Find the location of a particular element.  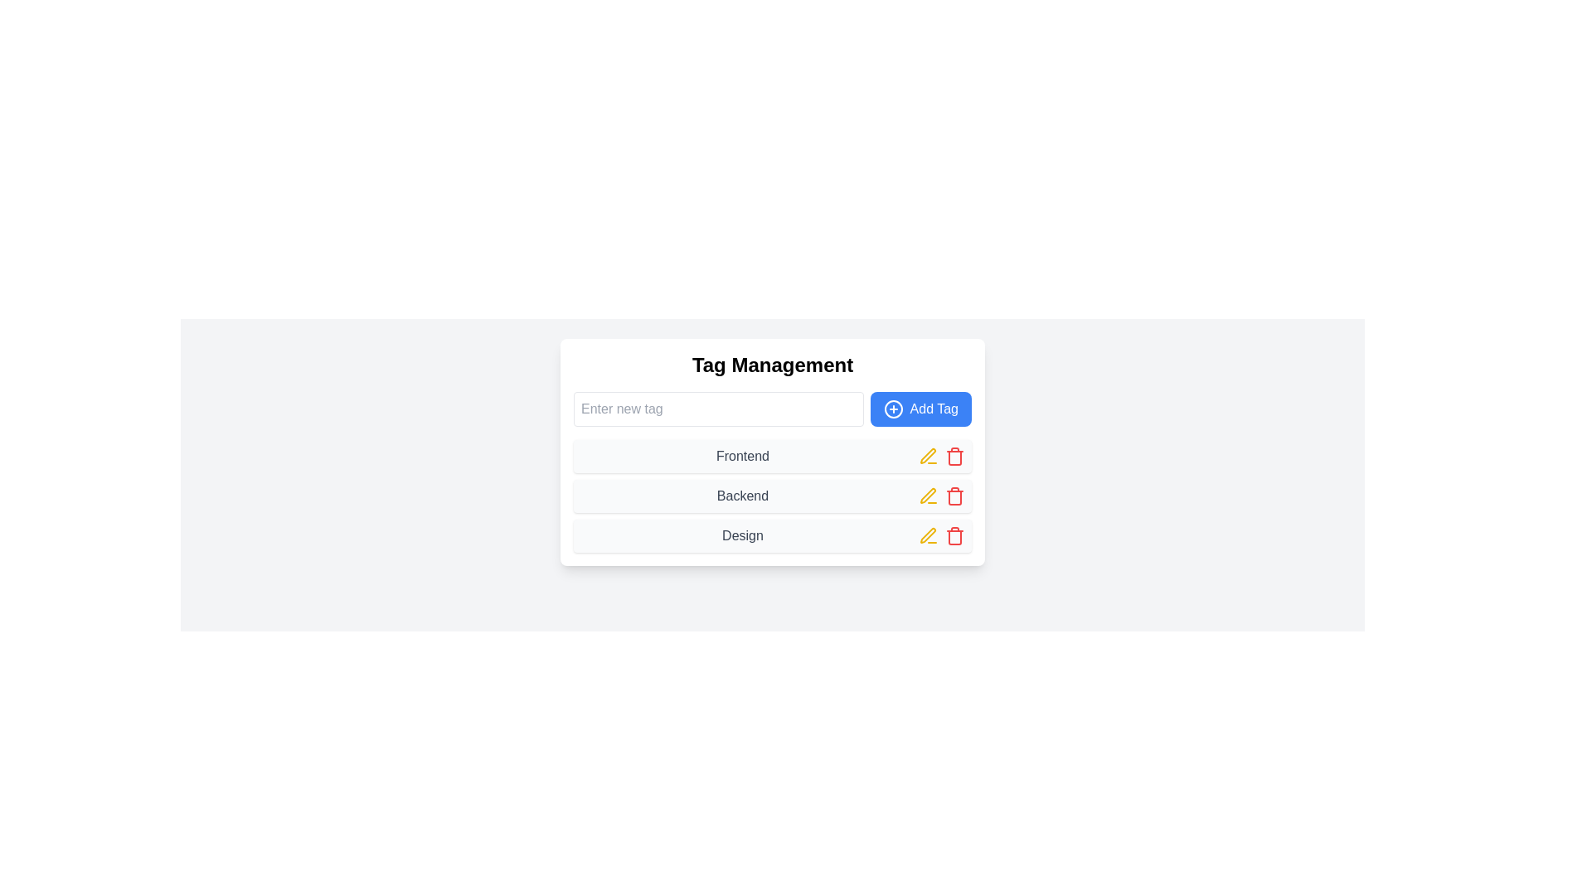

the circular graphical element that is part of the plus icon located next to the 'Add Tag' button in the 'Tag Management' interface to interact with it is located at coordinates (892, 409).